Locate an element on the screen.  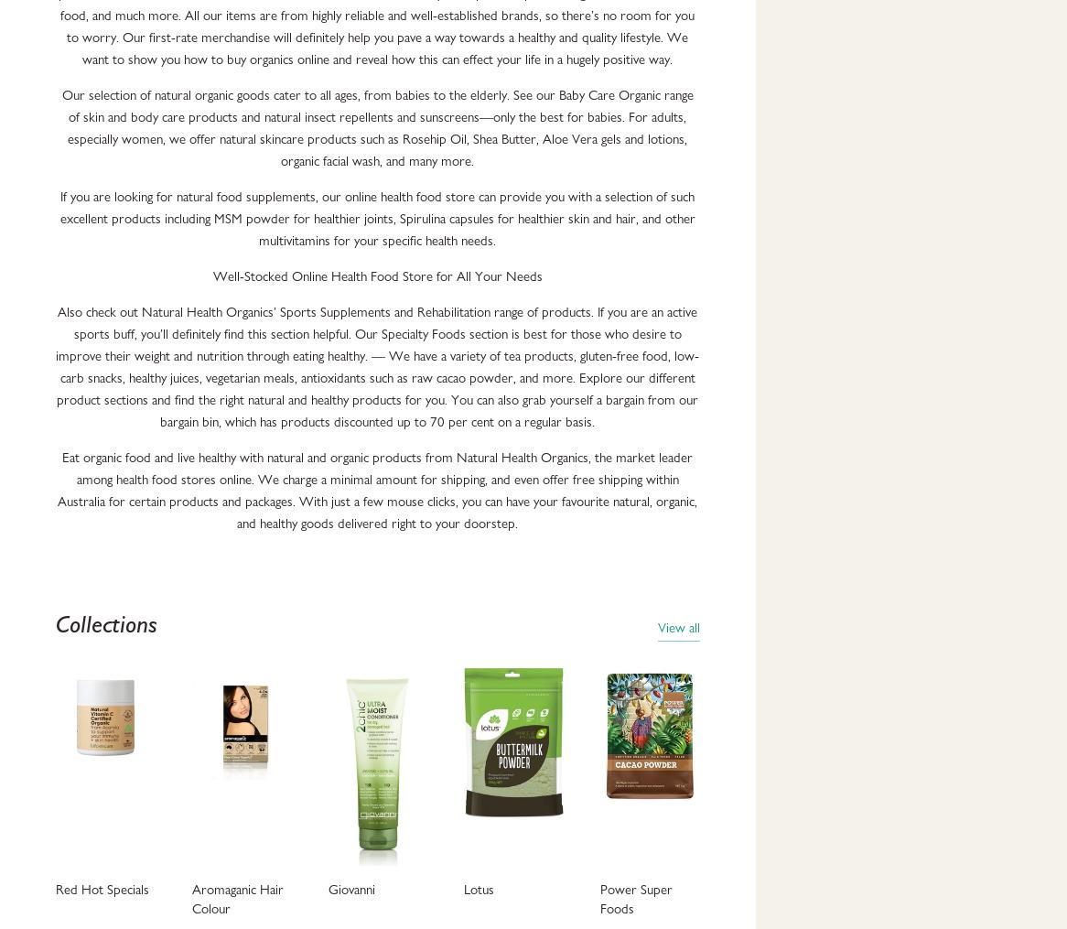
'Well-Stocked Online Health Food Store for All Your Needs' is located at coordinates (375, 275).